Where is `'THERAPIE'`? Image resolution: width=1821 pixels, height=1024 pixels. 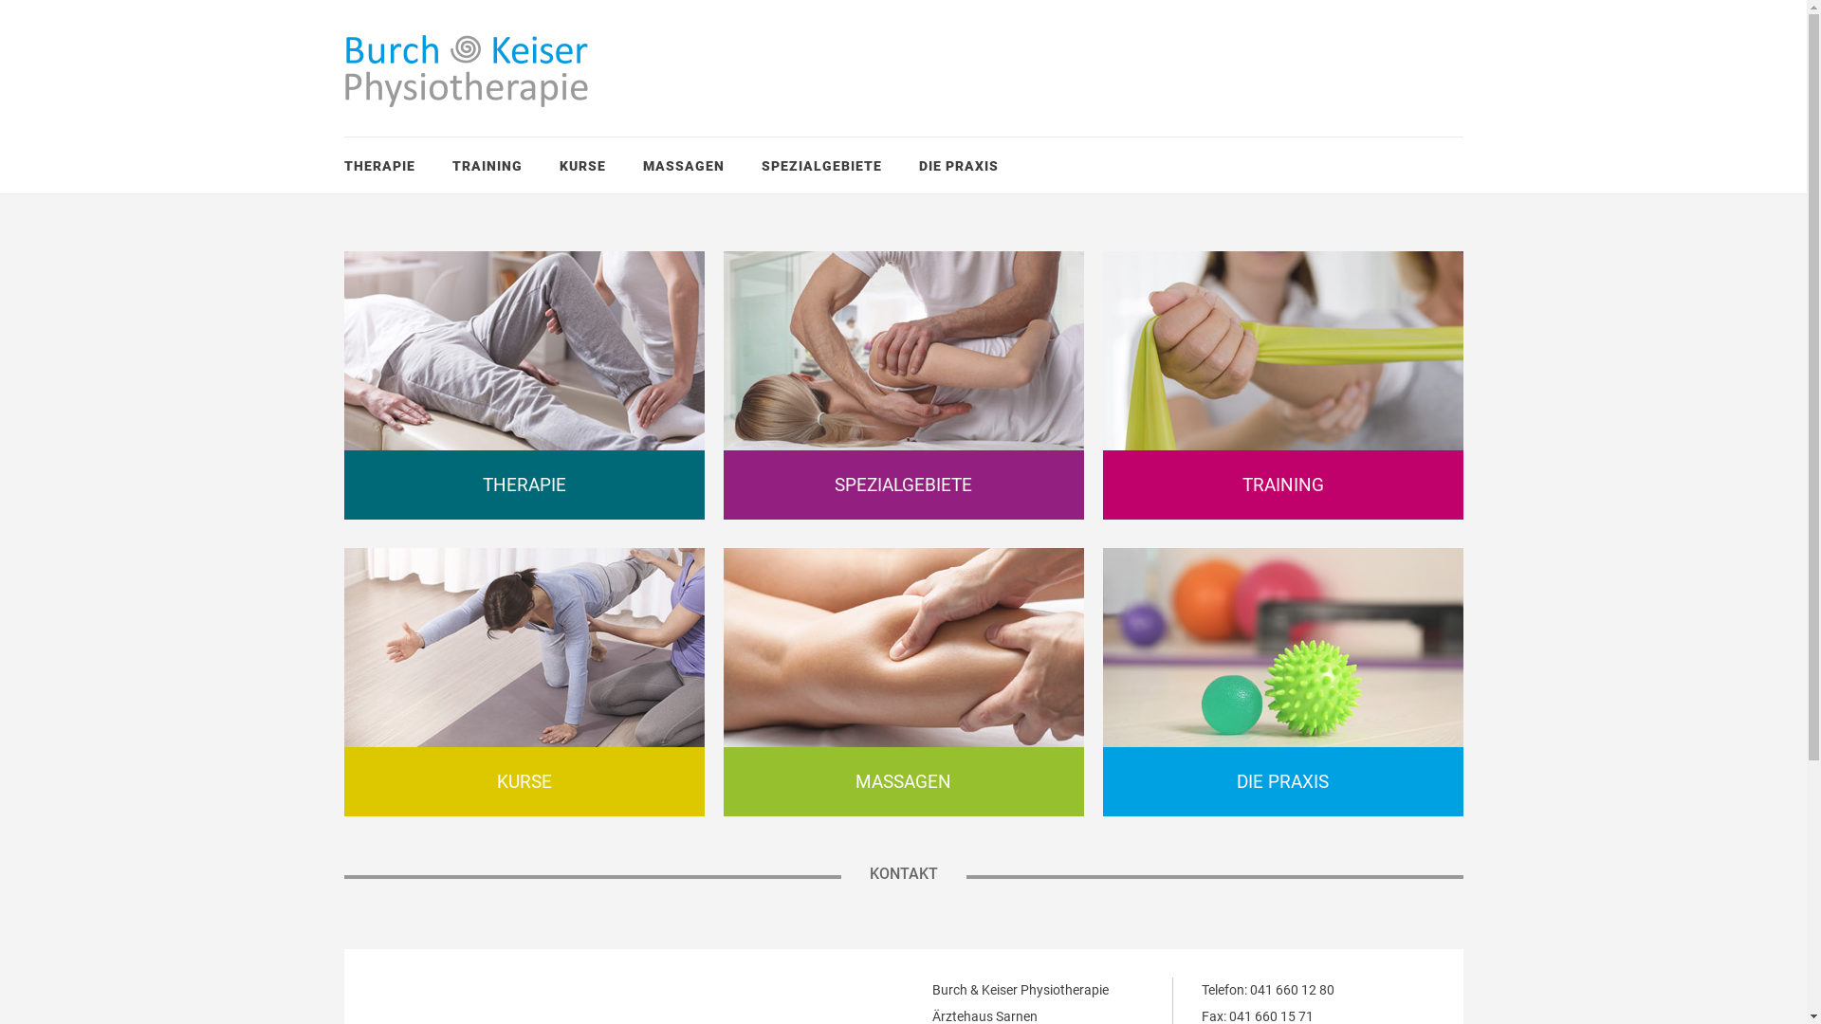
'THERAPIE' is located at coordinates (378, 164).